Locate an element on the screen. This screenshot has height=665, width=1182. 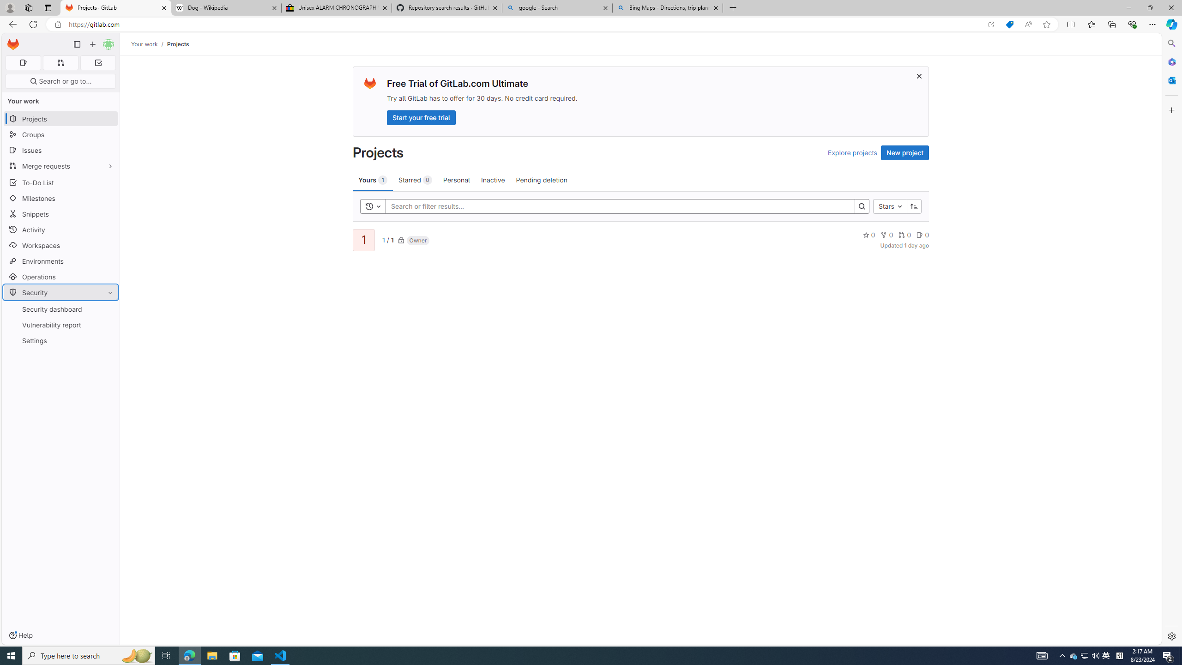
'New project' is located at coordinates (904, 152).